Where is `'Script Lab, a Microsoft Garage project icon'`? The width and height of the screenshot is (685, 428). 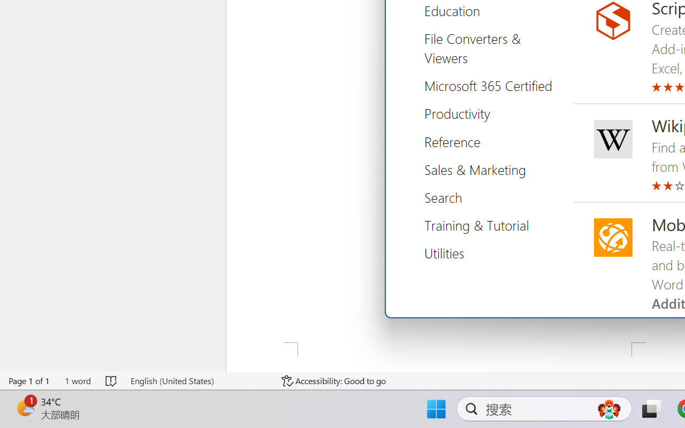 'Script Lab, a Microsoft Garage project icon' is located at coordinates (613, 20).